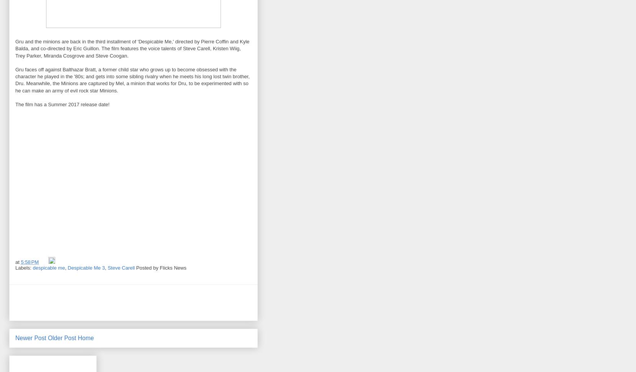 The width and height of the screenshot is (636, 372). I want to click on 'Home', so click(86, 337).